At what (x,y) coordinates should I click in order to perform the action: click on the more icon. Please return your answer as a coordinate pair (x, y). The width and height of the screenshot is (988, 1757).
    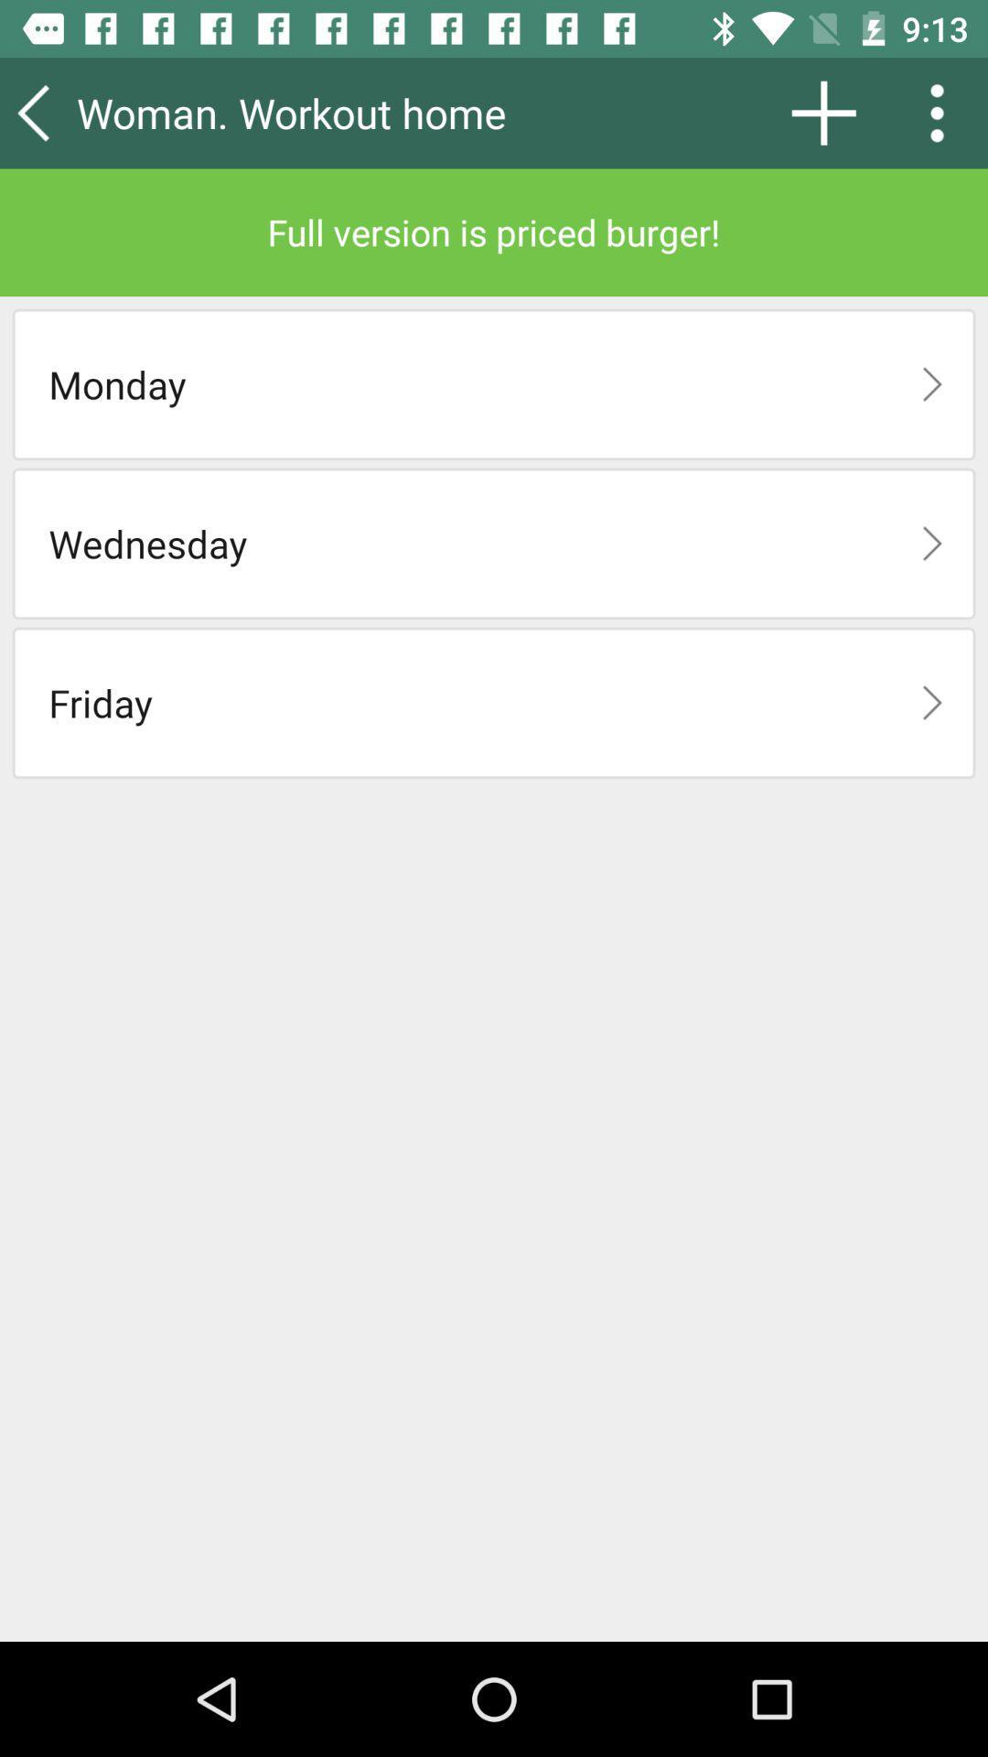
    Looking at the image, I should click on (943, 112).